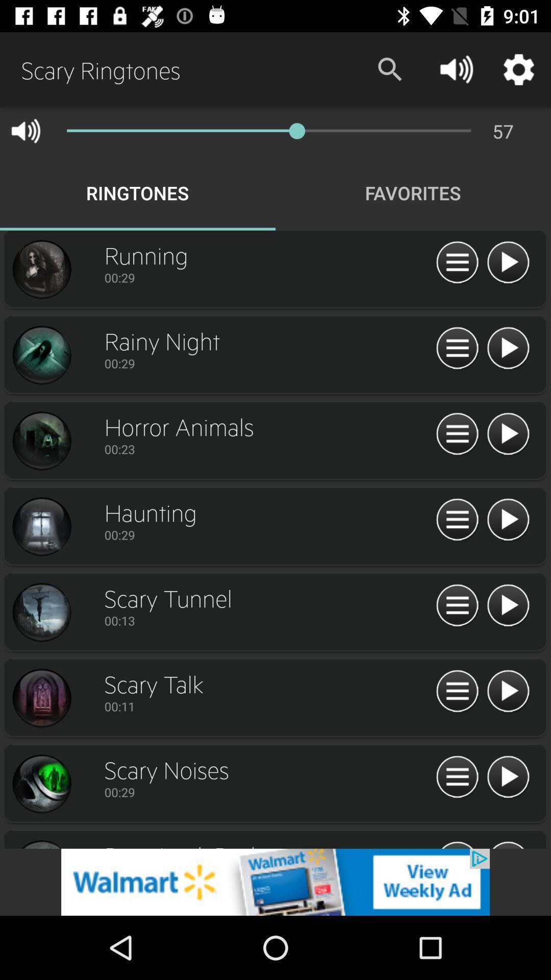 The width and height of the screenshot is (551, 980). I want to click on play, so click(457, 434).